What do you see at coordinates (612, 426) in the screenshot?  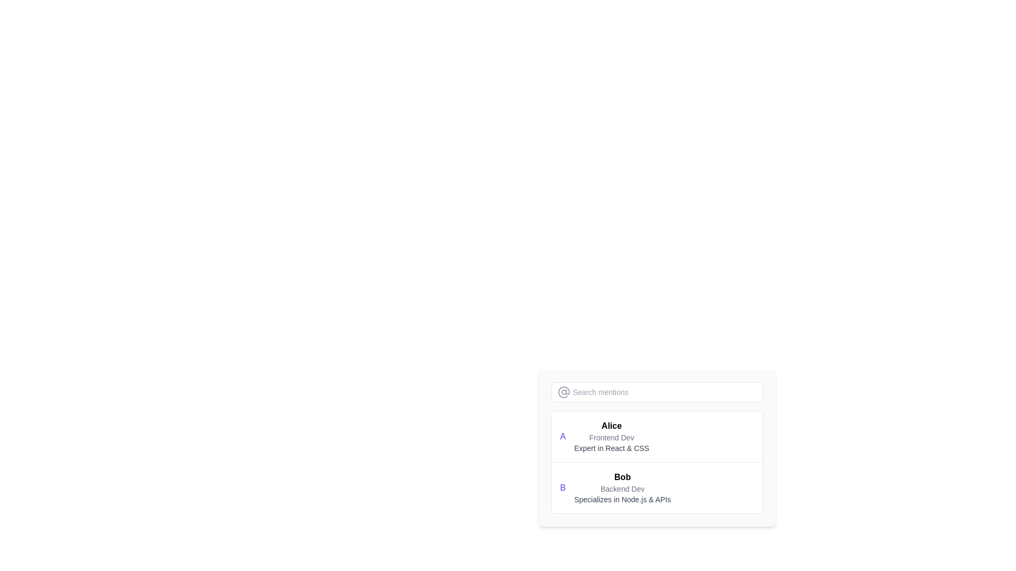 I see `the text label element displaying 'Alice'` at bounding box center [612, 426].